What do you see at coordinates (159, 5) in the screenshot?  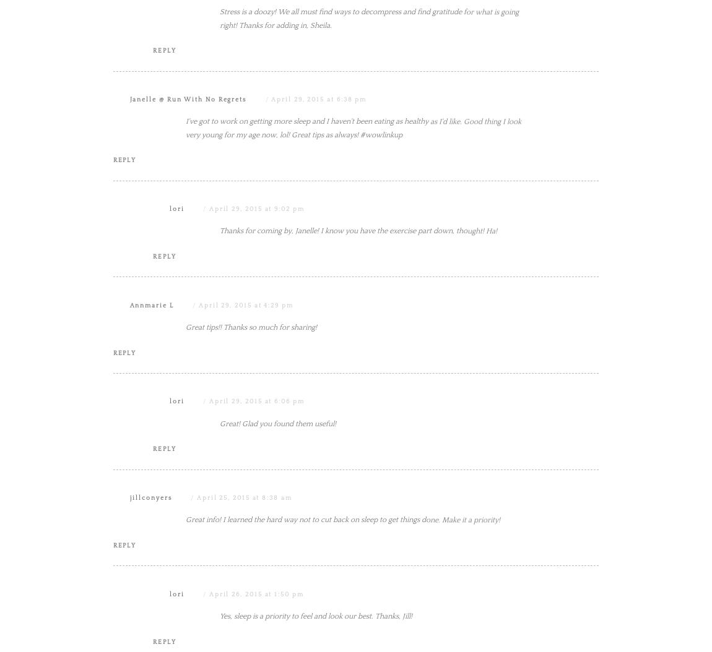 I see `'Sheila Simmons'` at bounding box center [159, 5].